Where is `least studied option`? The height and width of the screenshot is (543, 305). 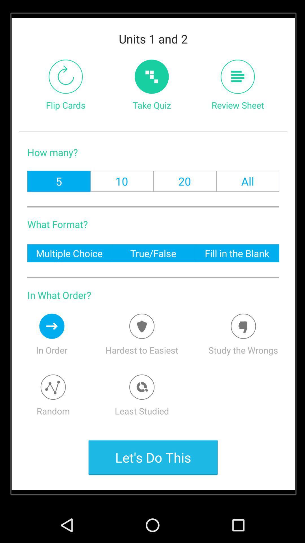
least studied option is located at coordinates (141, 387).